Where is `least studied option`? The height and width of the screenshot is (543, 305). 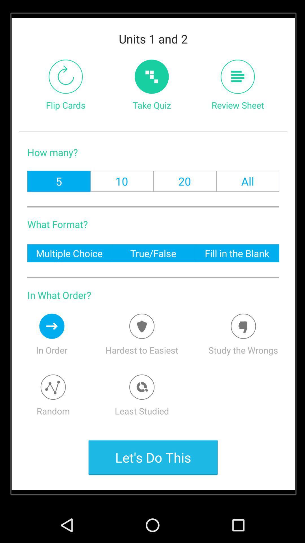
least studied option is located at coordinates (141, 387).